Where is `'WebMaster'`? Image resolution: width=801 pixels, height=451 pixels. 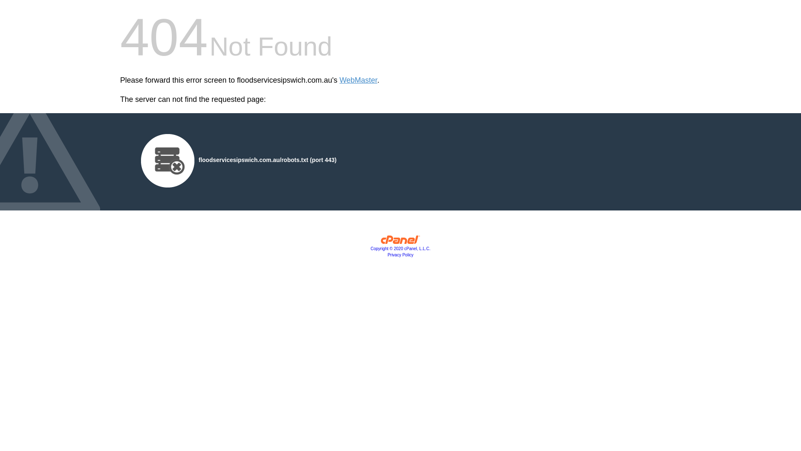
'WebMaster' is located at coordinates (358, 80).